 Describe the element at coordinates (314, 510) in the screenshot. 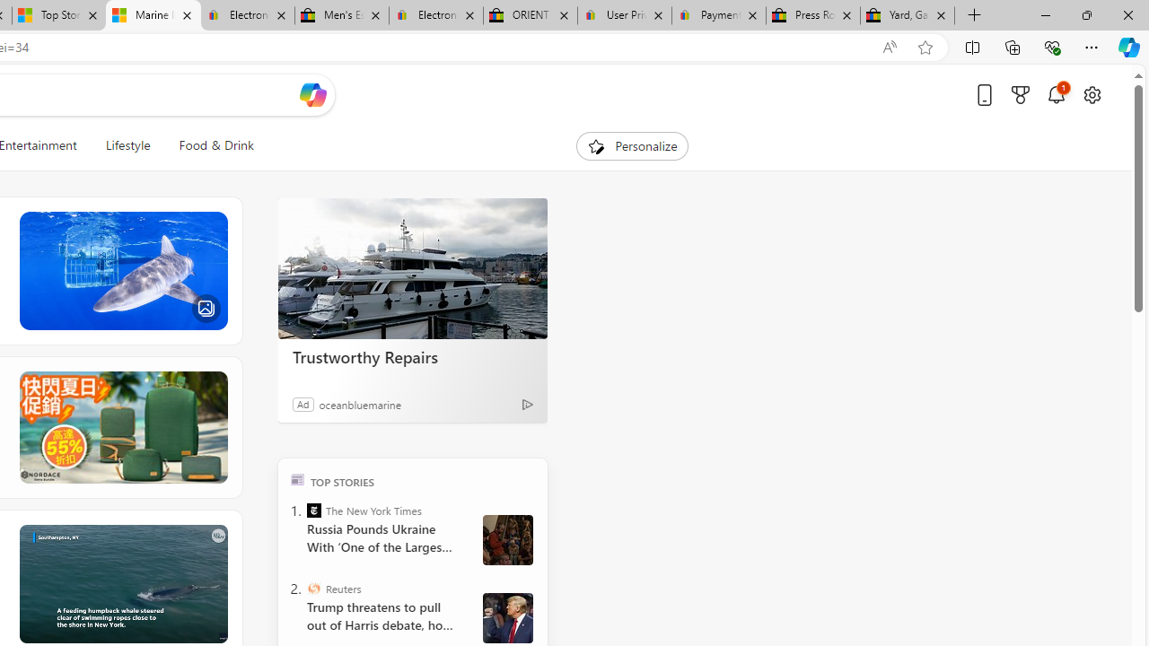

I see `'The New York Times'` at that location.